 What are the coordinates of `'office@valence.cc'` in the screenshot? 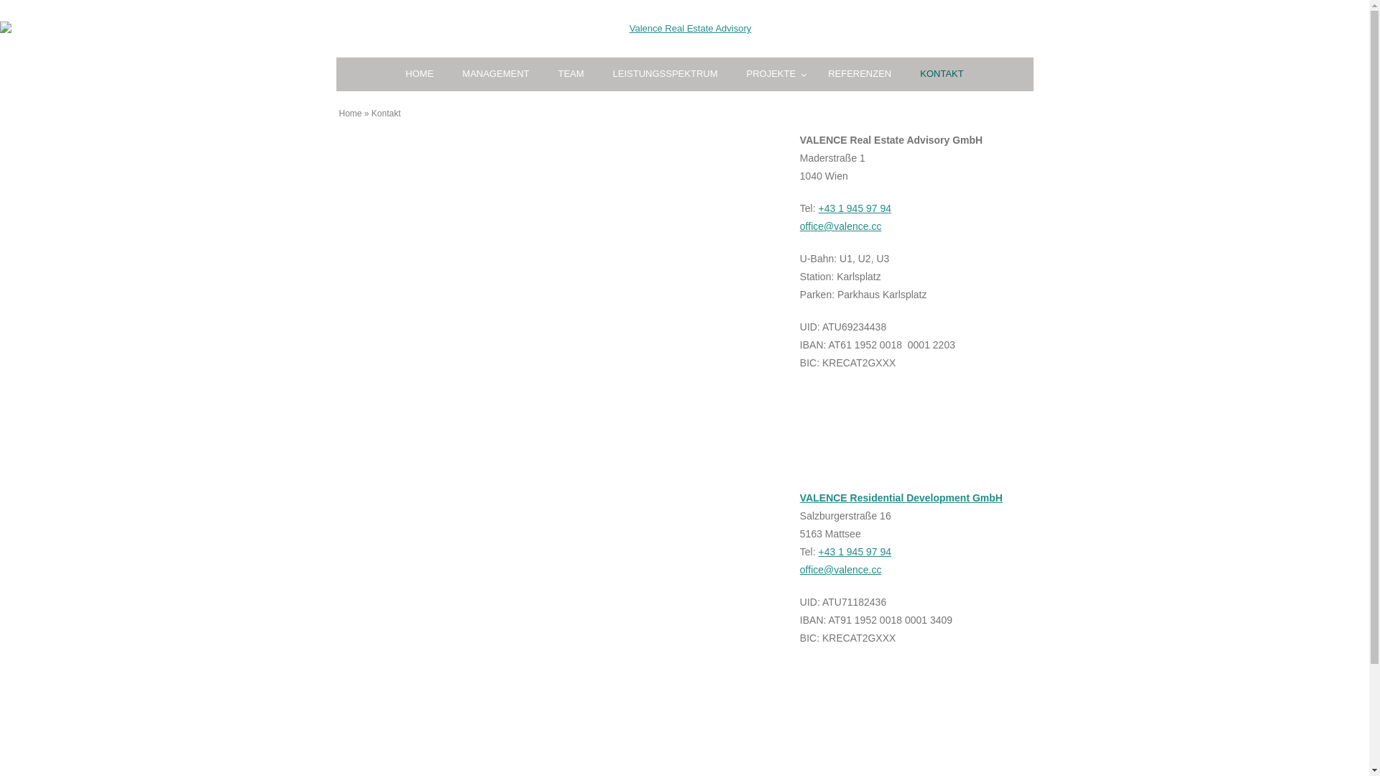 It's located at (841, 226).